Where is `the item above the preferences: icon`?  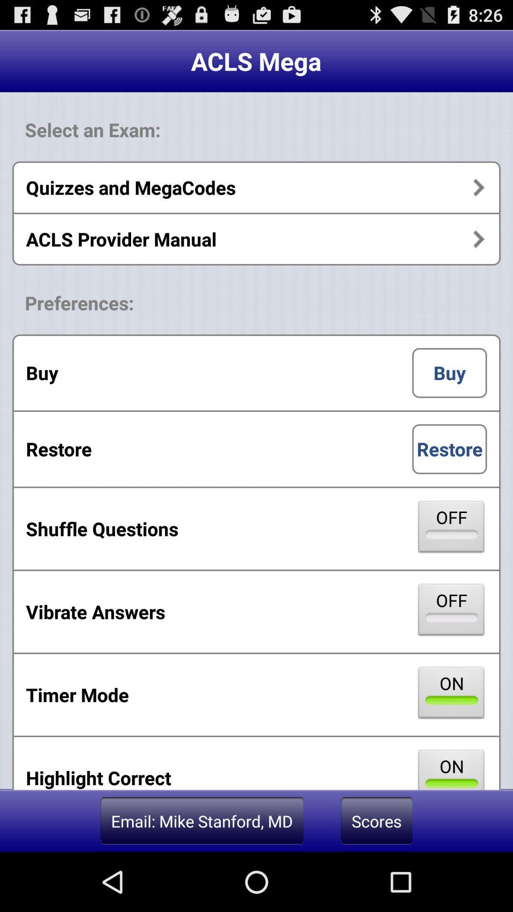 the item above the preferences: icon is located at coordinates (256, 239).